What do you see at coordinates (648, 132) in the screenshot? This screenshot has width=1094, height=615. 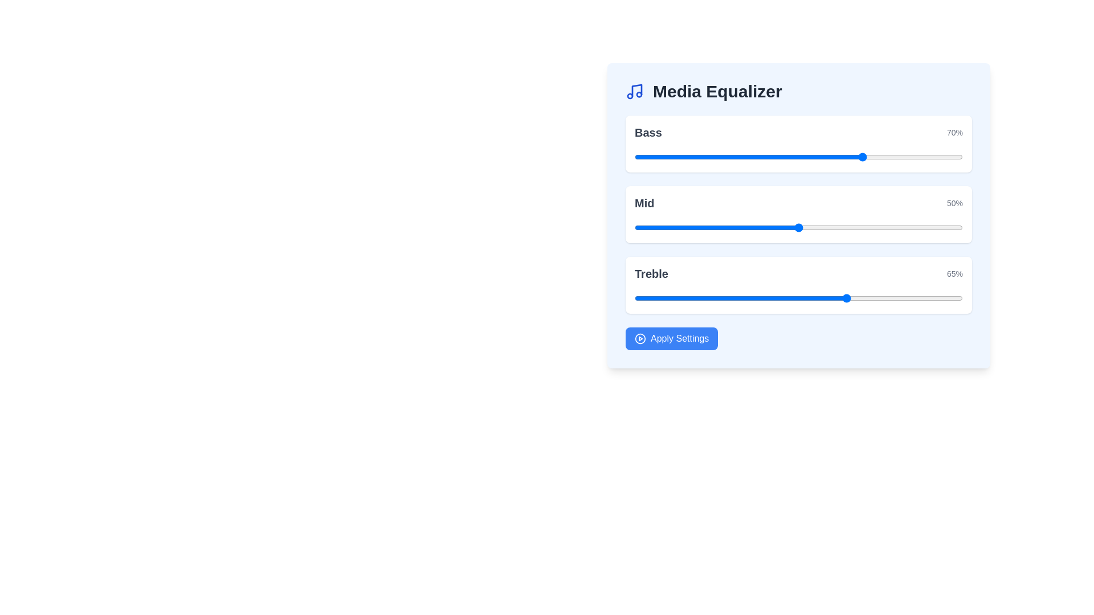 I see `the text label 'Bass' that describes the bass level adjustment in the media equalizer interface, located at the top of the vertical list` at bounding box center [648, 132].